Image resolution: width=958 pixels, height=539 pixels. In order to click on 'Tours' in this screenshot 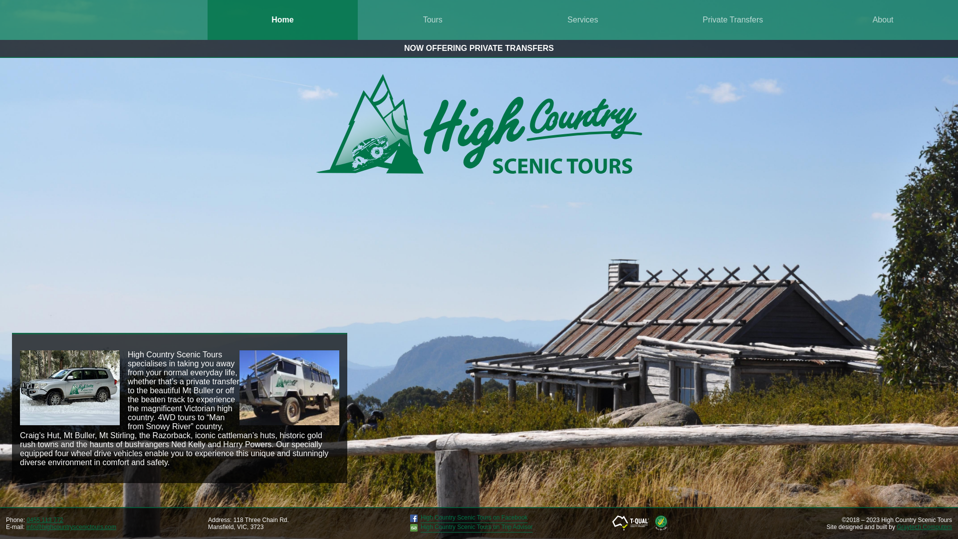, I will do `click(357, 19)`.